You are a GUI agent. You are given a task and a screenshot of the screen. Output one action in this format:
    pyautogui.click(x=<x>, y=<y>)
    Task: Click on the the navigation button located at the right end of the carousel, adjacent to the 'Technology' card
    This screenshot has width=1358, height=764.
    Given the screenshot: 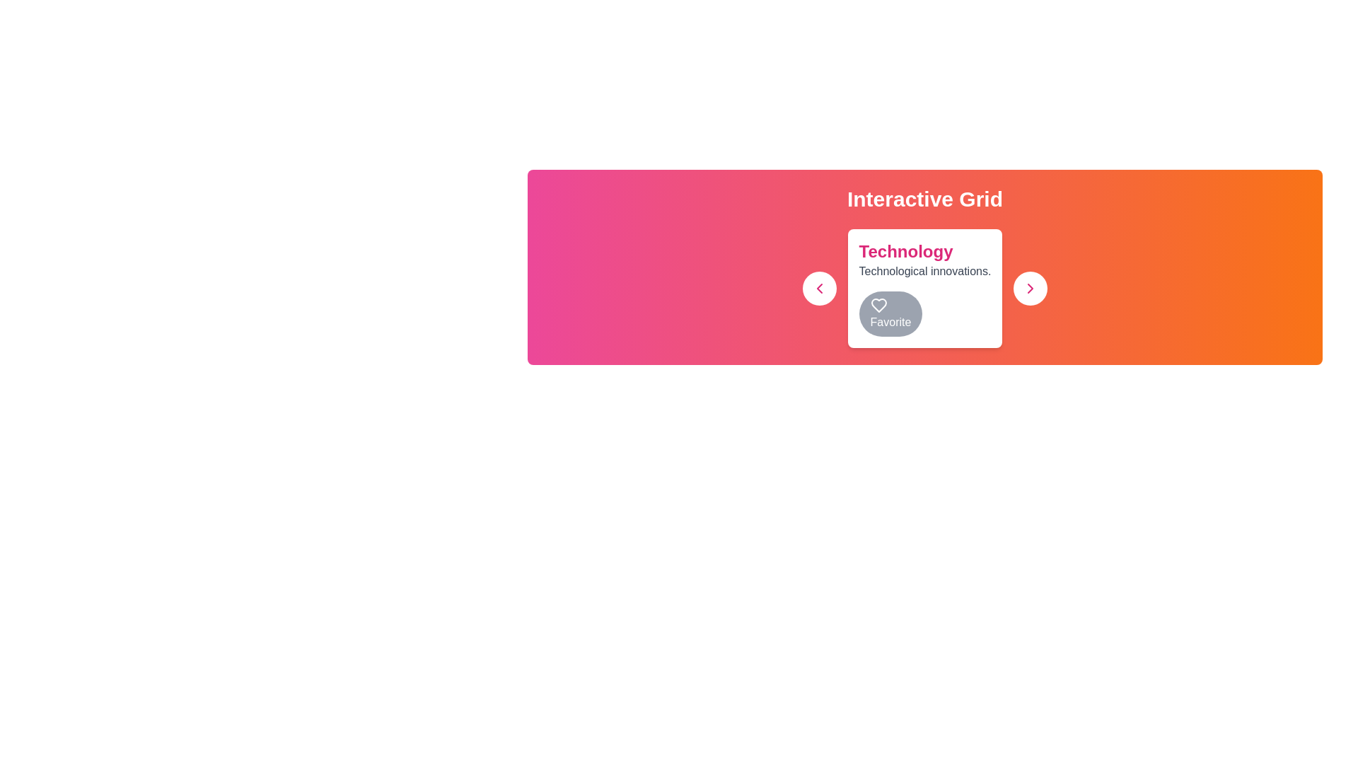 What is the action you would take?
    pyautogui.click(x=1031, y=288)
    